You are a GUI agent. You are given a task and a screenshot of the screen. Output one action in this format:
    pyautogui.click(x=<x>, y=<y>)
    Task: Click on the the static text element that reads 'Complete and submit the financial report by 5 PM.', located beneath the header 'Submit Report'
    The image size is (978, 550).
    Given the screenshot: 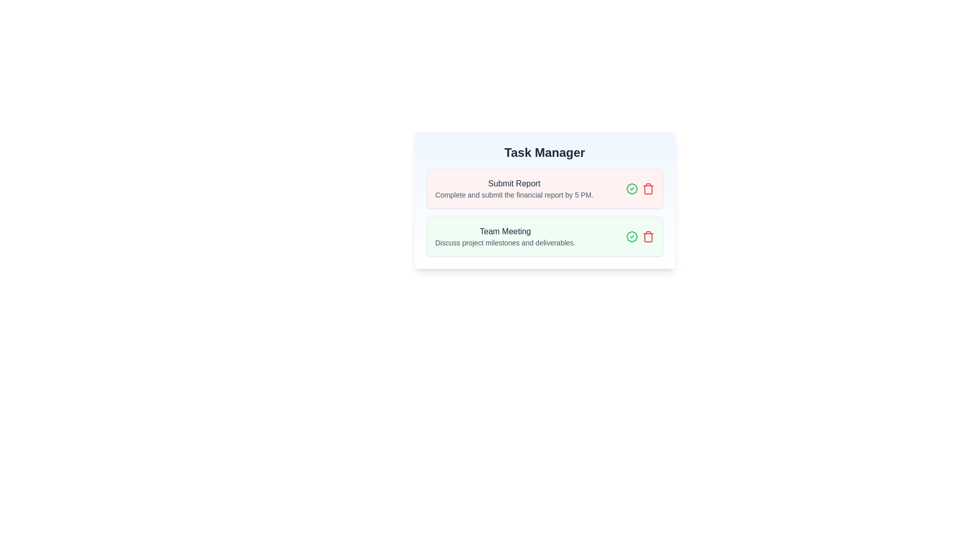 What is the action you would take?
    pyautogui.click(x=514, y=195)
    